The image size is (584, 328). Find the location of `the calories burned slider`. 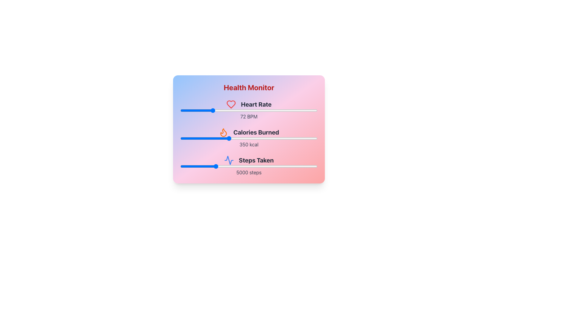

the calories burned slider is located at coordinates (193, 138).